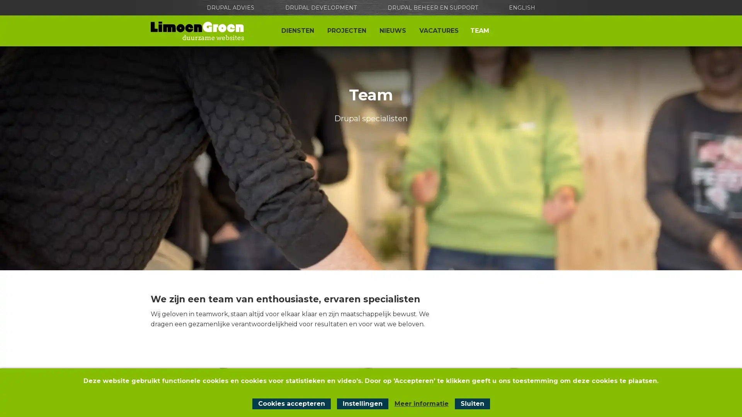 This screenshot has width=742, height=417. I want to click on Cookies accepteren, so click(291, 403).